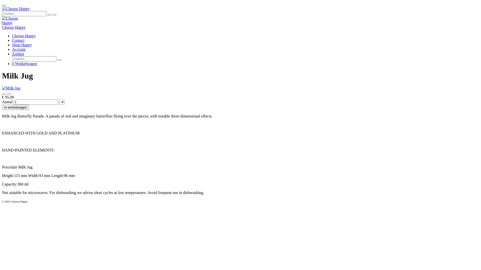 The image size is (481, 270). I want to click on 'Choose Happy', so click(16, 8).